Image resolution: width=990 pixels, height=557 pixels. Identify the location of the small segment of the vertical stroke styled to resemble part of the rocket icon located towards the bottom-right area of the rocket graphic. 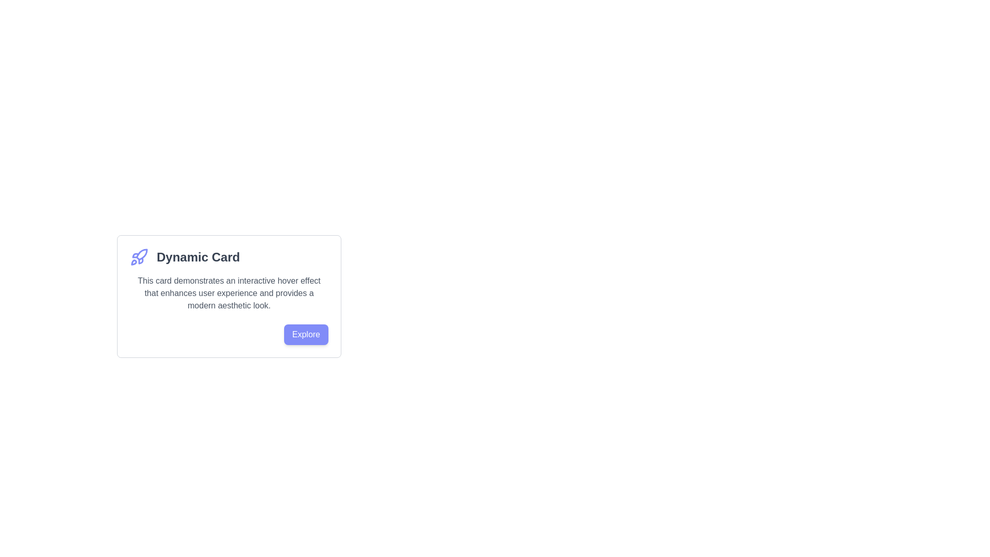
(140, 260).